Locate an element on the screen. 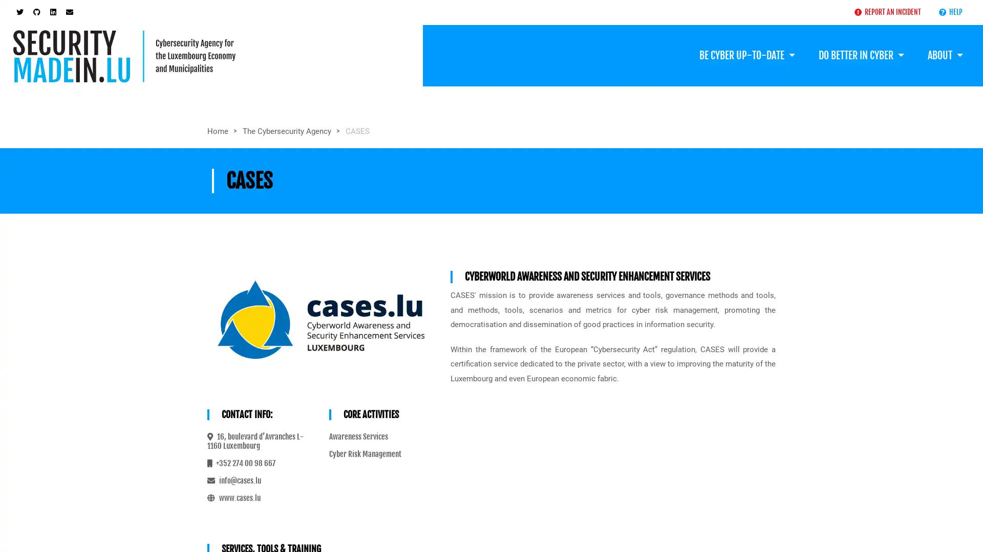  ABOUT is located at coordinates (945, 55).